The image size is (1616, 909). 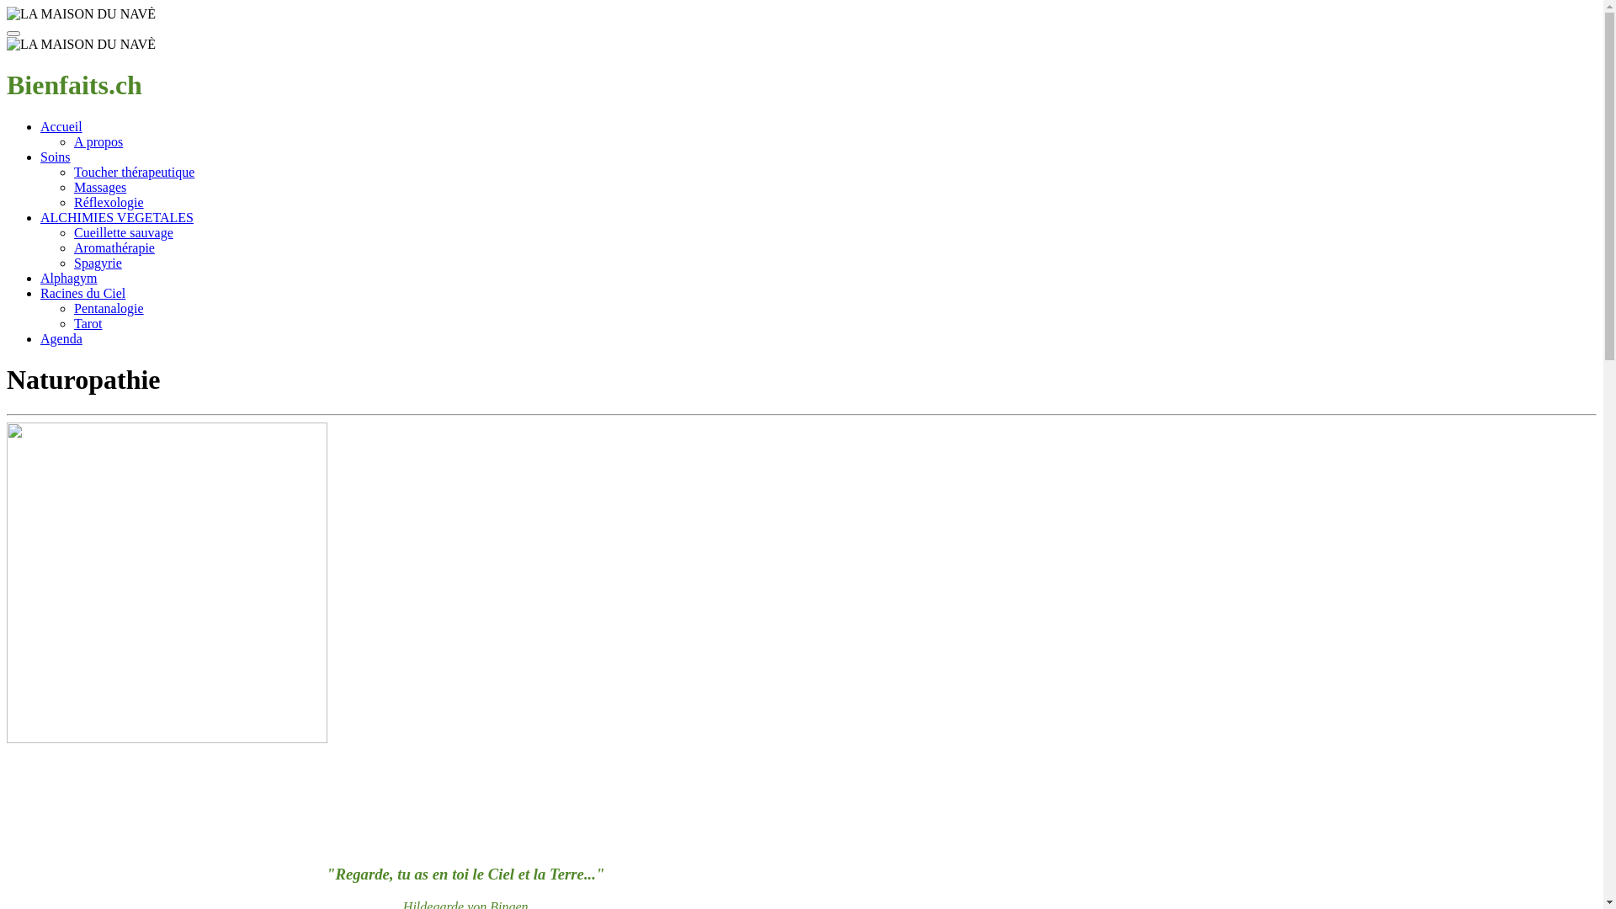 I want to click on 'Spagyrie', so click(x=97, y=263).